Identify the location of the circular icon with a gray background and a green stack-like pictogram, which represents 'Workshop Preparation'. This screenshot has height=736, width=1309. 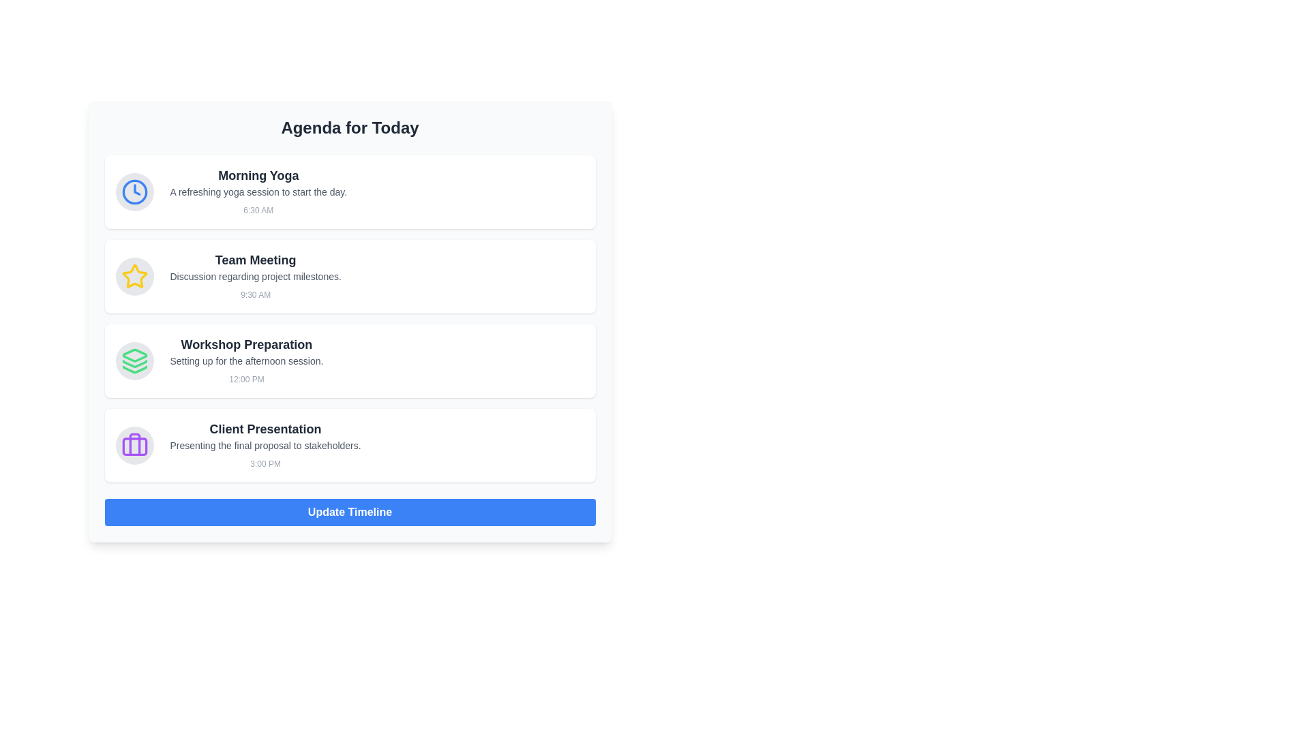
(134, 360).